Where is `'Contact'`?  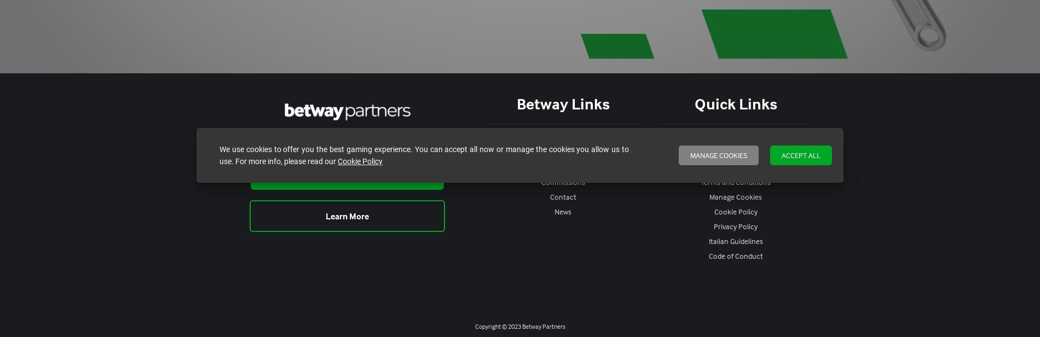
'Contact' is located at coordinates (563, 196).